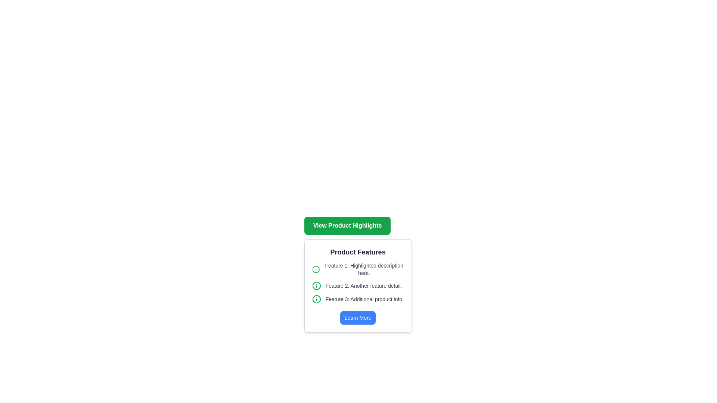 The width and height of the screenshot is (717, 403). What do you see at coordinates (316, 299) in the screenshot?
I see `the circular decorative SVG element with a green outline and white fill, located in the third feature of the 'Product Features' section` at bounding box center [316, 299].